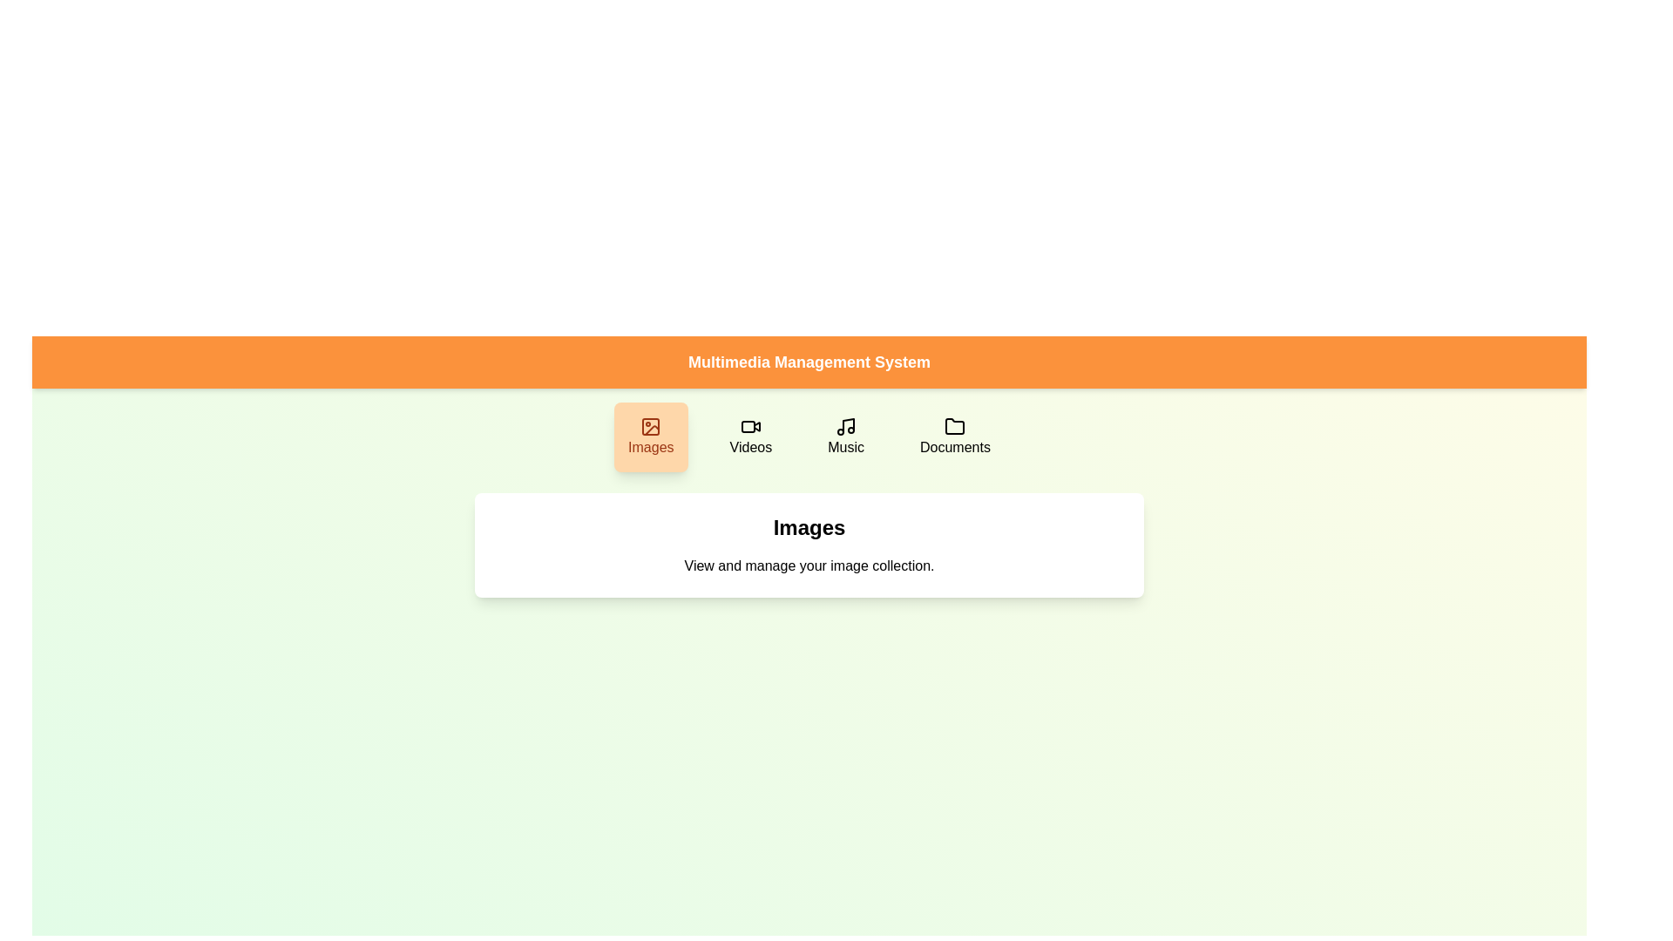 The height and width of the screenshot is (941, 1673). What do you see at coordinates (650, 436) in the screenshot?
I see `the Images button to switch the active category` at bounding box center [650, 436].